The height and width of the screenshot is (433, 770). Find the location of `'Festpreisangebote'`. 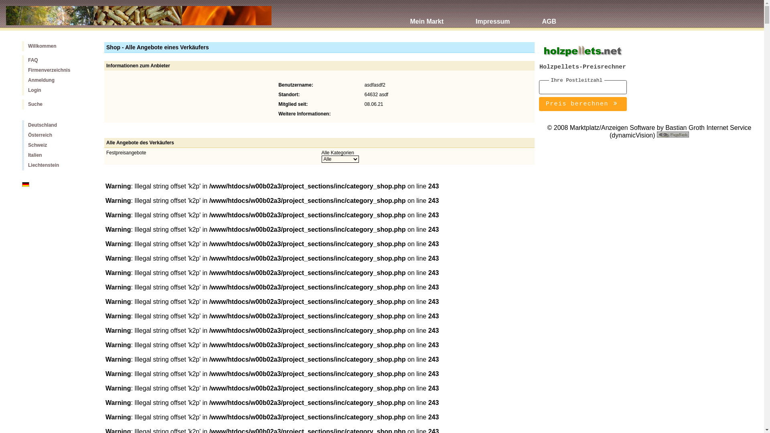

'Festpreisangebote' is located at coordinates (126, 153).